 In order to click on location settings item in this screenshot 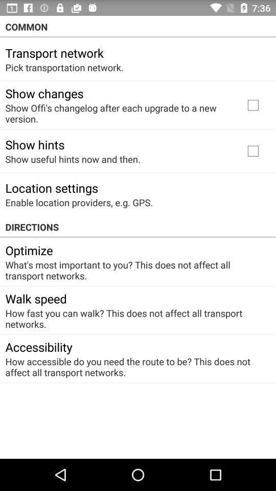, I will do `click(51, 187)`.